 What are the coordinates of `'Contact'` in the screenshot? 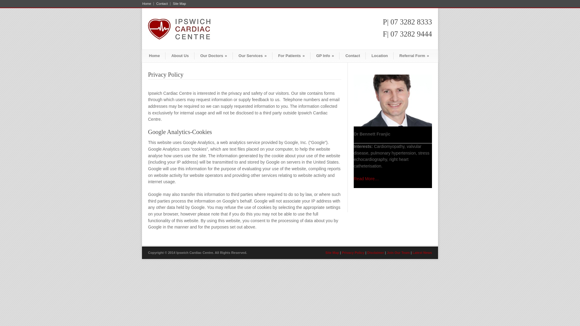 It's located at (162, 4).